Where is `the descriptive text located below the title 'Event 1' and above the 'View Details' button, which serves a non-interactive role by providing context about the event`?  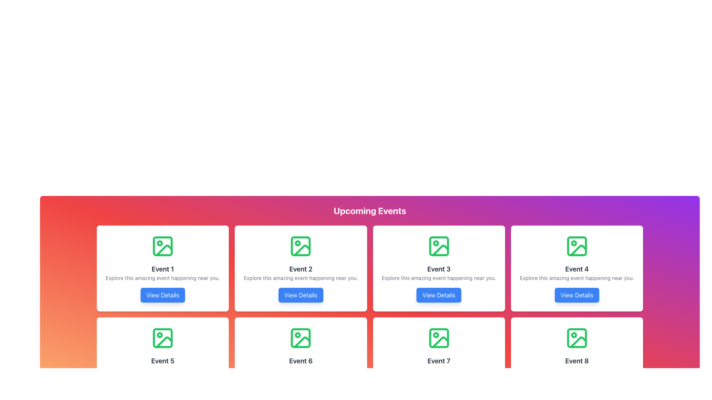
the descriptive text located below the title 'Event 1' and above the 'View Details' button, which serves a non-interactive role by providing context about the event is located at coordinates (162, 278).